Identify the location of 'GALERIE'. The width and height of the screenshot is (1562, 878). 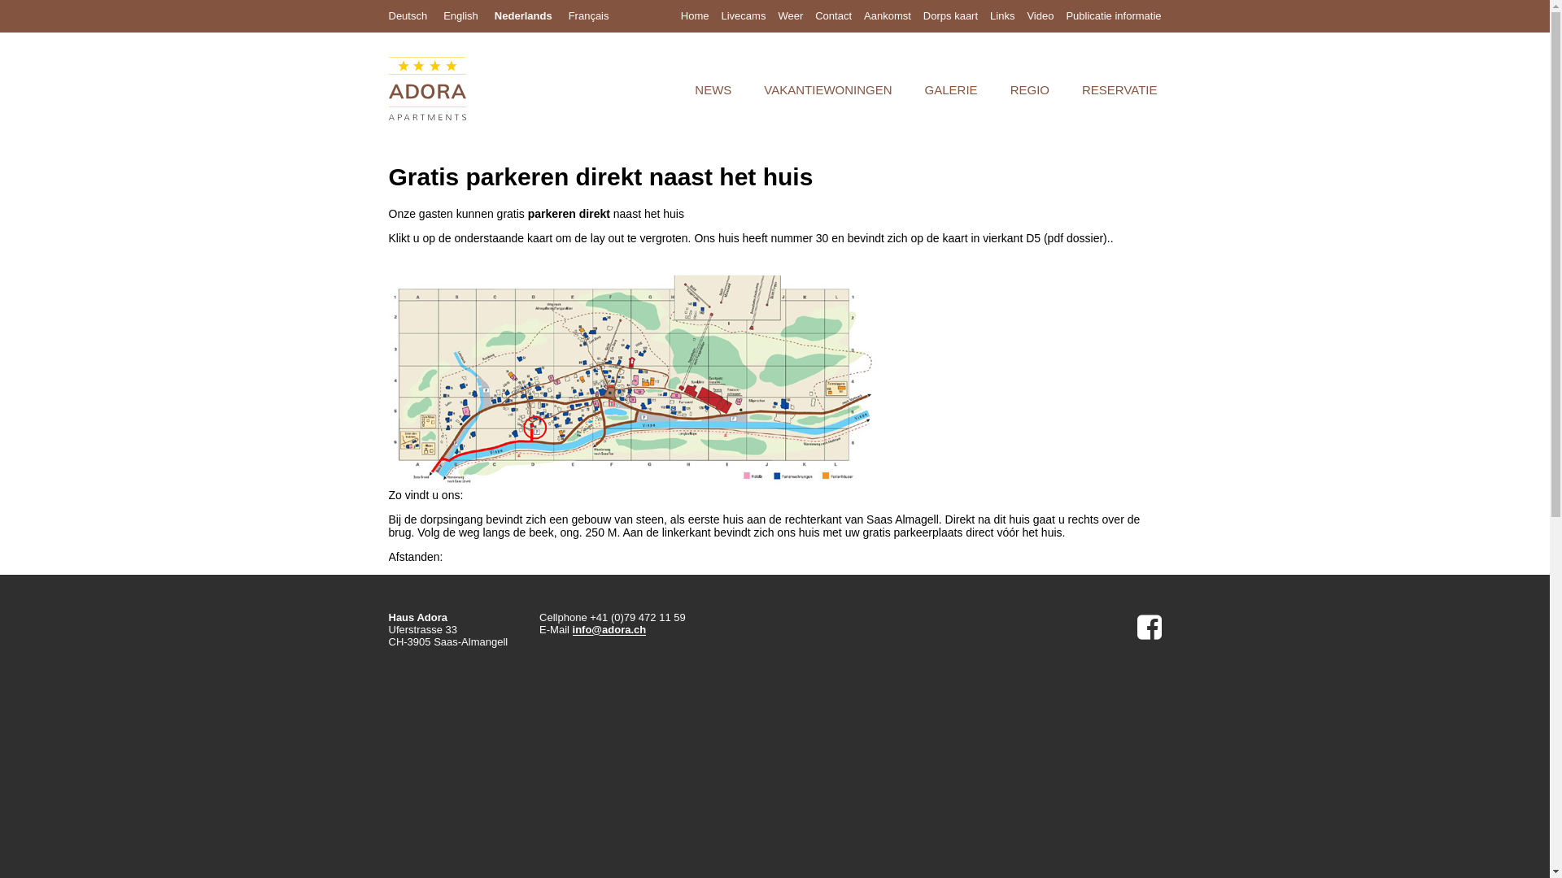
(951, 89).